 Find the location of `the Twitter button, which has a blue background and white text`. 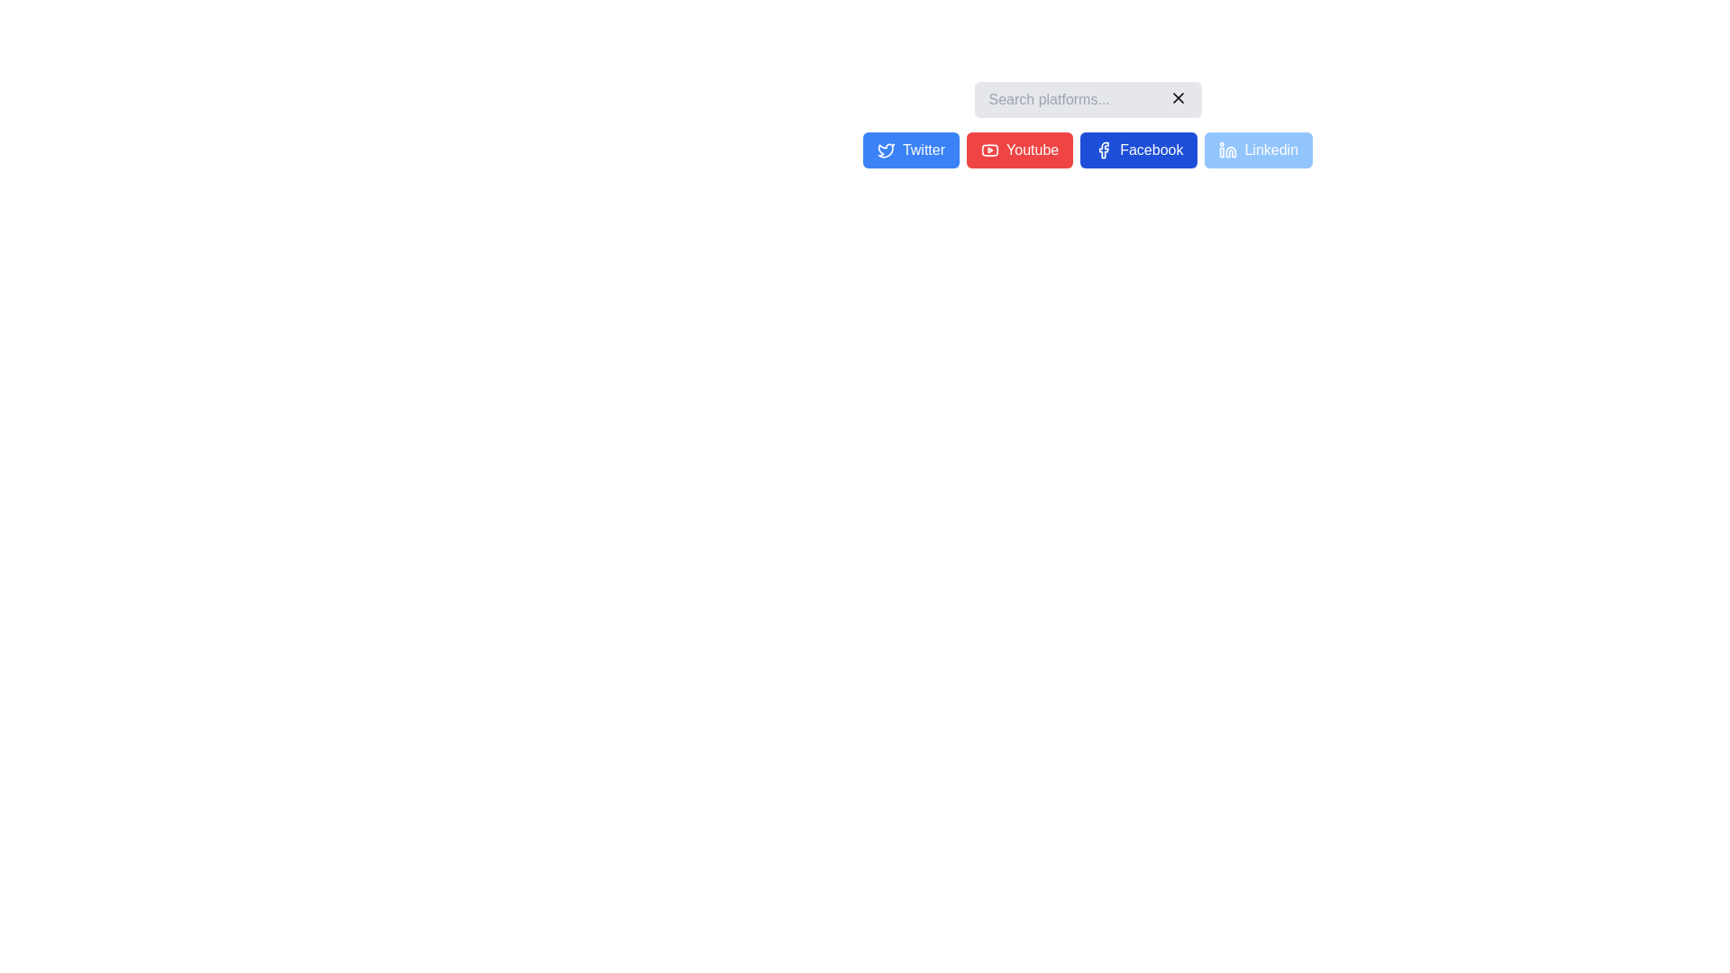

the Twitter button, which has a blue background and white text is located at coordinates (911, 149).